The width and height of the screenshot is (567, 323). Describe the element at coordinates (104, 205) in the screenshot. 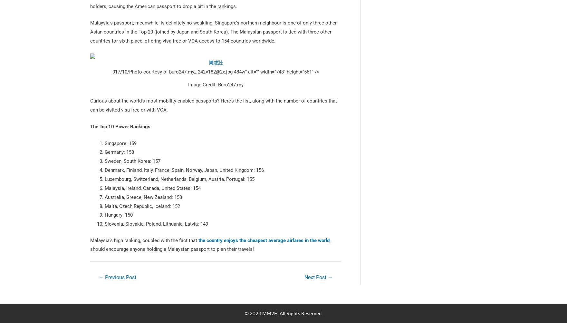

I see `'Malta, Czech Republic, Iceland: 152'` at that location.